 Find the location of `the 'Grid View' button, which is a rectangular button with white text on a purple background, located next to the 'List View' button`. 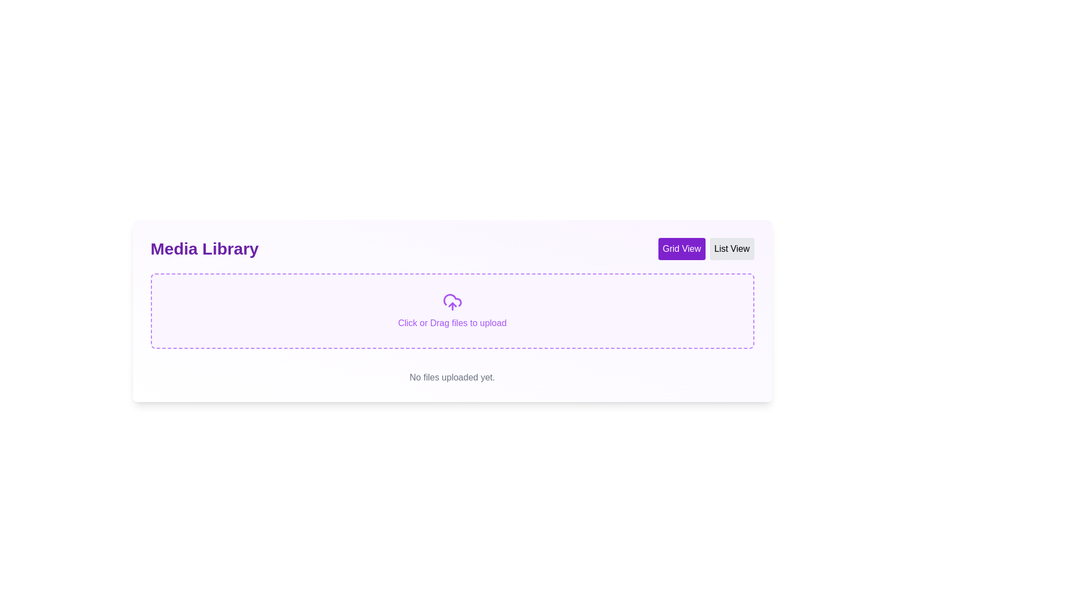

the 'Grid View' button, which is a rectangular button with white text on a purple background, located next to the 'List View' button is located at coordinates (681, 248).